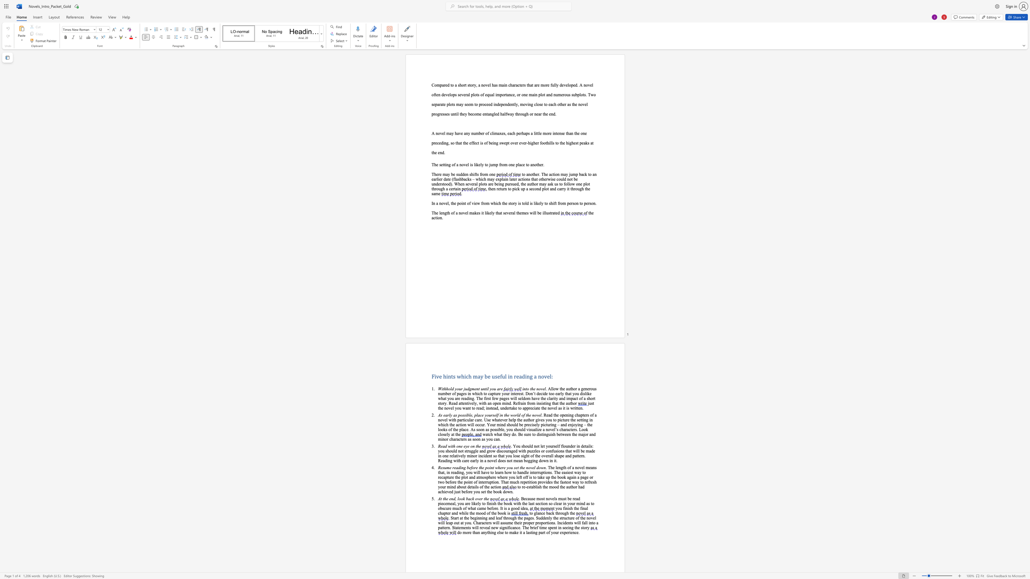 The image size is (1030, 579). I want to click on the subset text "fi" within the text "you finish the", so click(563, 508).